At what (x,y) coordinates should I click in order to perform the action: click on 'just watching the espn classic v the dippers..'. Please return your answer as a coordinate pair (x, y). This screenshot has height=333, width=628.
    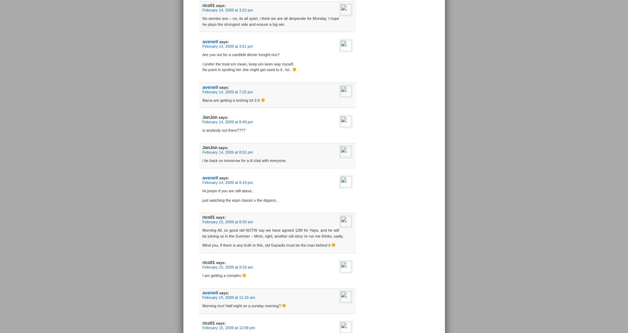
    Looking at the image, I should click on (240, 199).